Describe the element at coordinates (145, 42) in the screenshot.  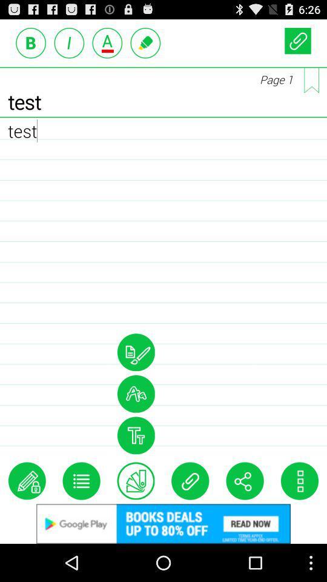
I see `use highlighter` at that location.